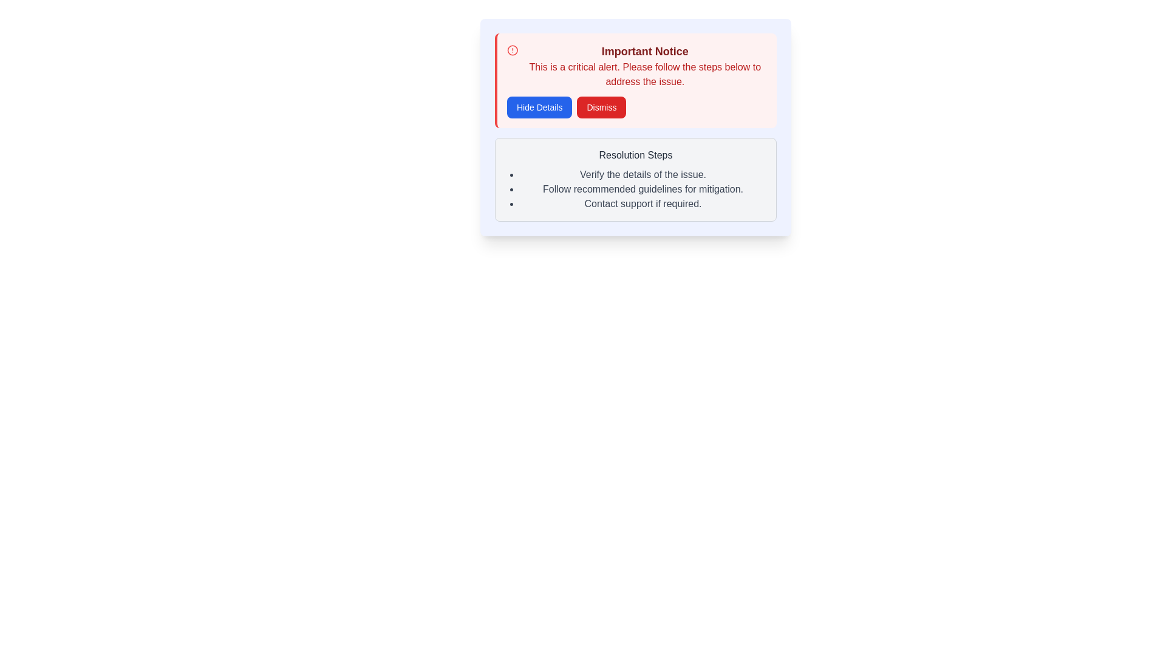  Describe the element at coordinates (601, 107) in the screenshot. I see `the second button to the right in the horizontal layout below the message header's notification area` at that location.